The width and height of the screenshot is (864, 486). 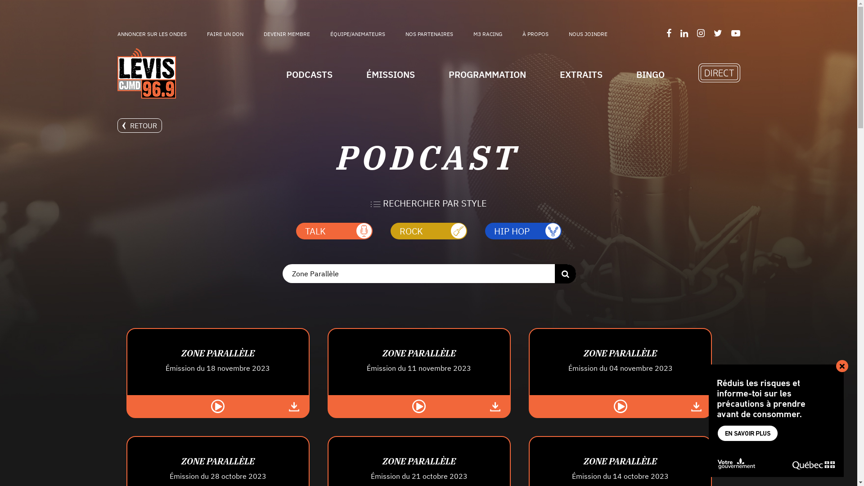 What do you see at coordinates (151, 33) in the screenshot?
I see `'ANNONCER SUR LES ONDES'` at bounding box center [151, 33].